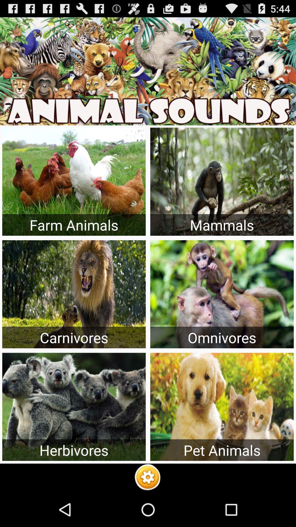 Image resolution: width=296 pixels, height=527 pixels. I want to click on the icon at the bottom, so click(147, 478).